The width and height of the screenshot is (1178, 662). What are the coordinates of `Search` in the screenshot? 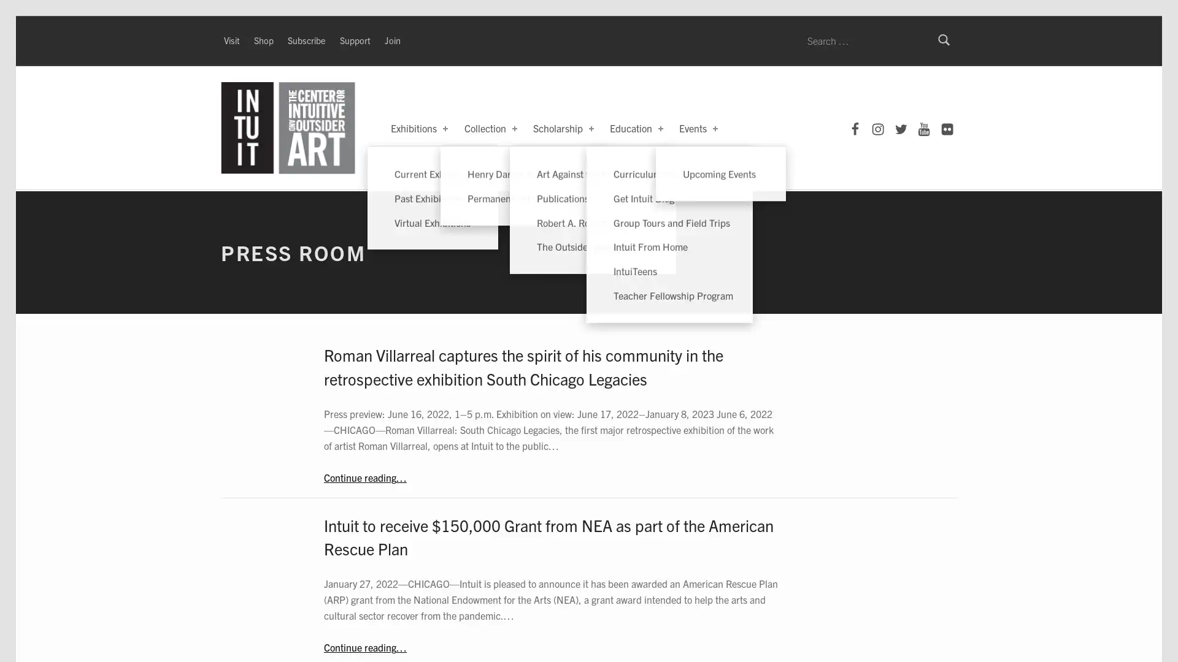 It's located at (942, 32).